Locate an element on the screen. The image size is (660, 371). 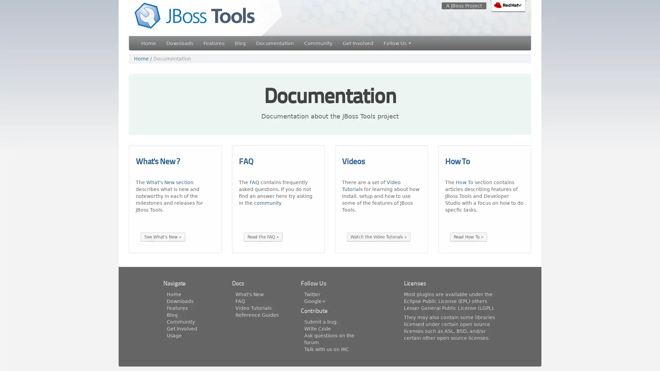
See What's New is located at coordinates (163, 237).